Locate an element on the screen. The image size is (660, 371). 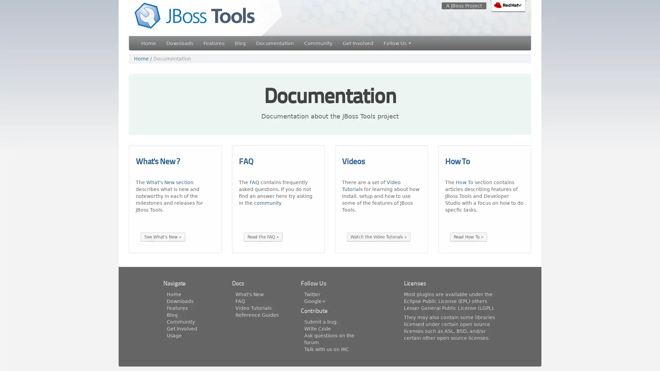
See What's New is located at coordinates (163, 237).